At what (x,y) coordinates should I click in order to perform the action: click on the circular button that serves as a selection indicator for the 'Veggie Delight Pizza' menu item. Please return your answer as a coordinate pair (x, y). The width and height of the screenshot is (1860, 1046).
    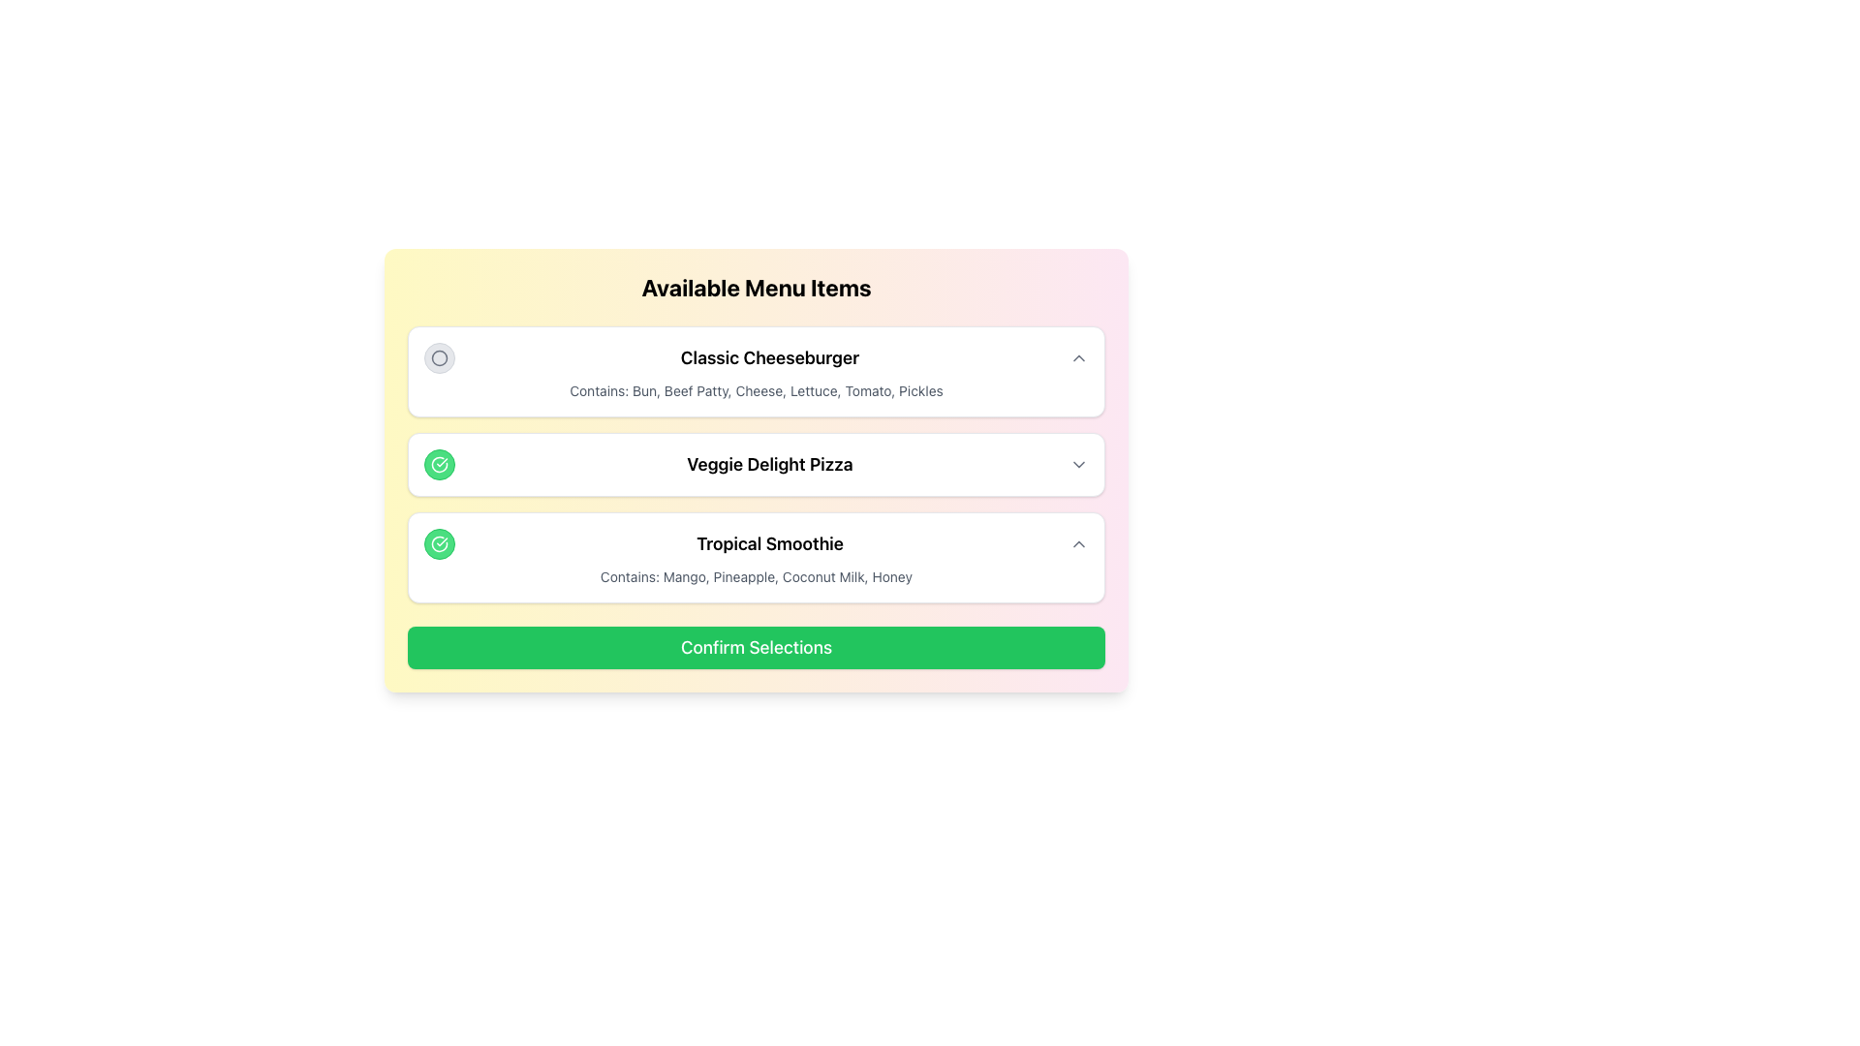
    Looking at the image, I should click on (439, 464).